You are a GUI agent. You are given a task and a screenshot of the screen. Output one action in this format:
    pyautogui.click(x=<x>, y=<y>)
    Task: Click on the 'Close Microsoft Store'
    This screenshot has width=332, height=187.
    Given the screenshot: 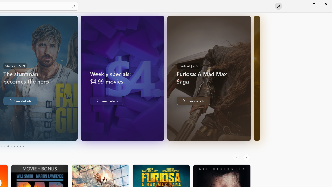 What is the action you would take?
    pyautogui.click(x=326, y=4)
    